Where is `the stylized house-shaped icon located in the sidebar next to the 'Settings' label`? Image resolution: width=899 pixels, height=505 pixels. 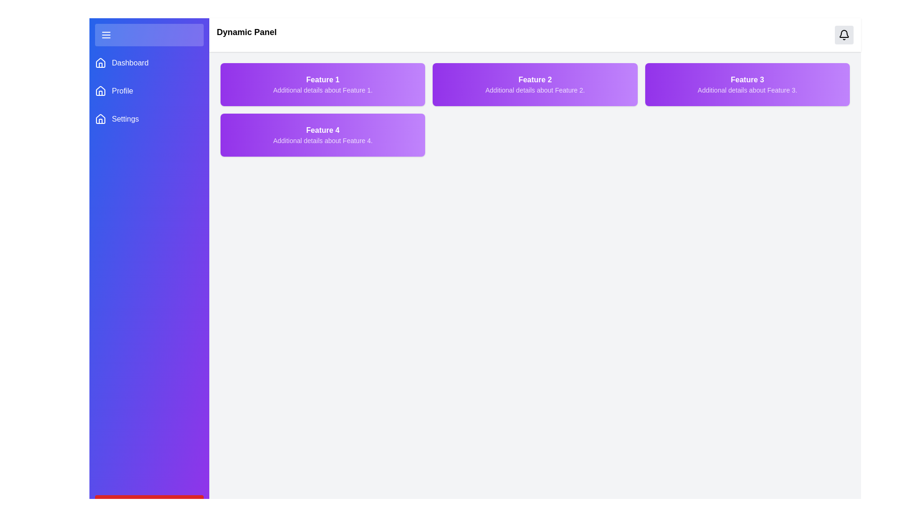 the stylized house-shaped icon located in the sidebar next to the 'Settings' label is located at coordinates (101, 118).